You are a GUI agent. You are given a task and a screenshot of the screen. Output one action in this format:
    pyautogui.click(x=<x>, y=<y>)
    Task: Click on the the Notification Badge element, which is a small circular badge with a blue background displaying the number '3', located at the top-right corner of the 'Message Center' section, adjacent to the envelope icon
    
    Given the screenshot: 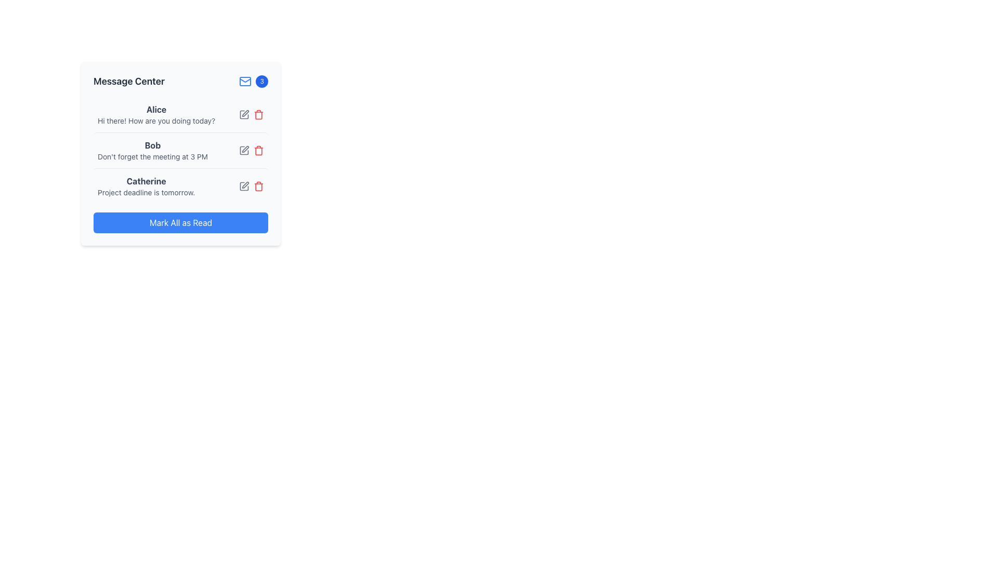 What is the action you would take?
    pyautogui.click(x=254, y=81)
    